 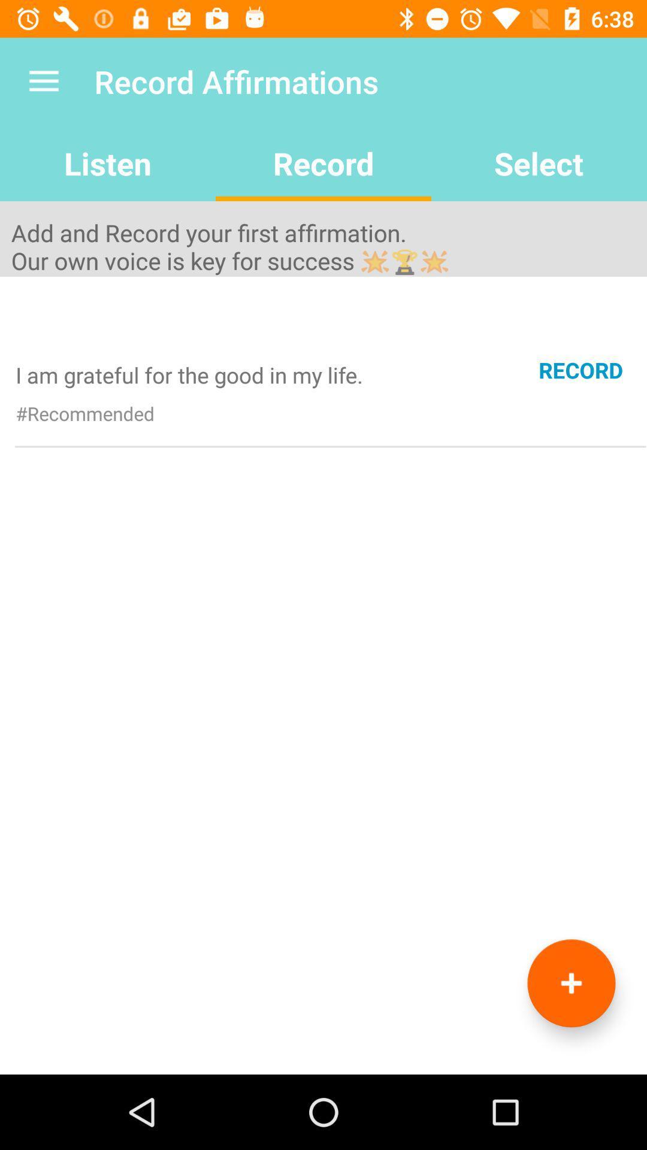 I want to click on record option, so click(x=570, y=983).